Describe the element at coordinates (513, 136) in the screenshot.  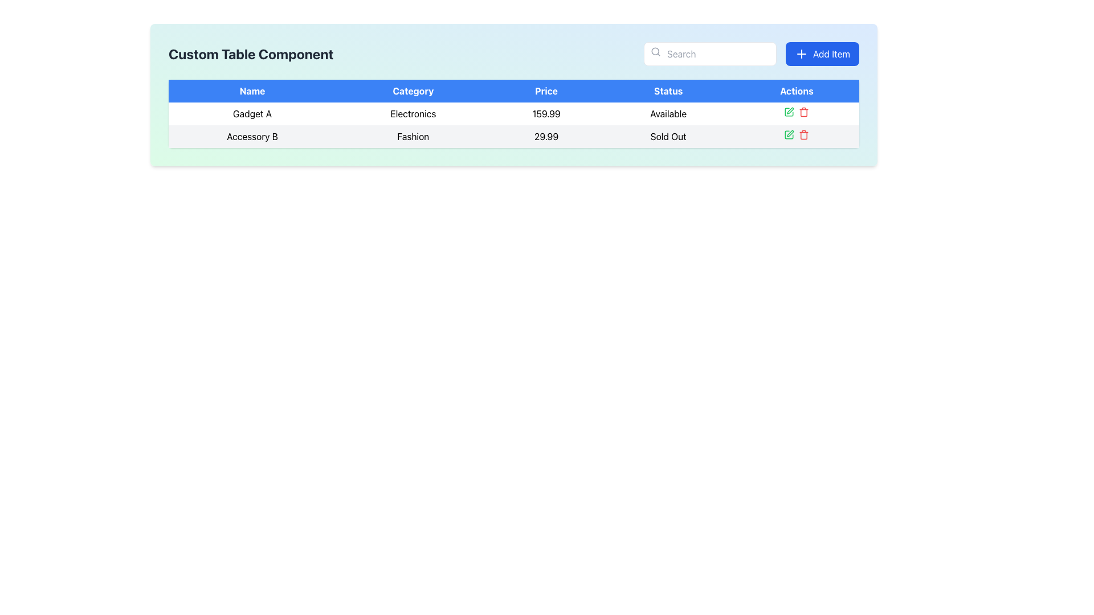
I see `the second row in the product table` at that location.